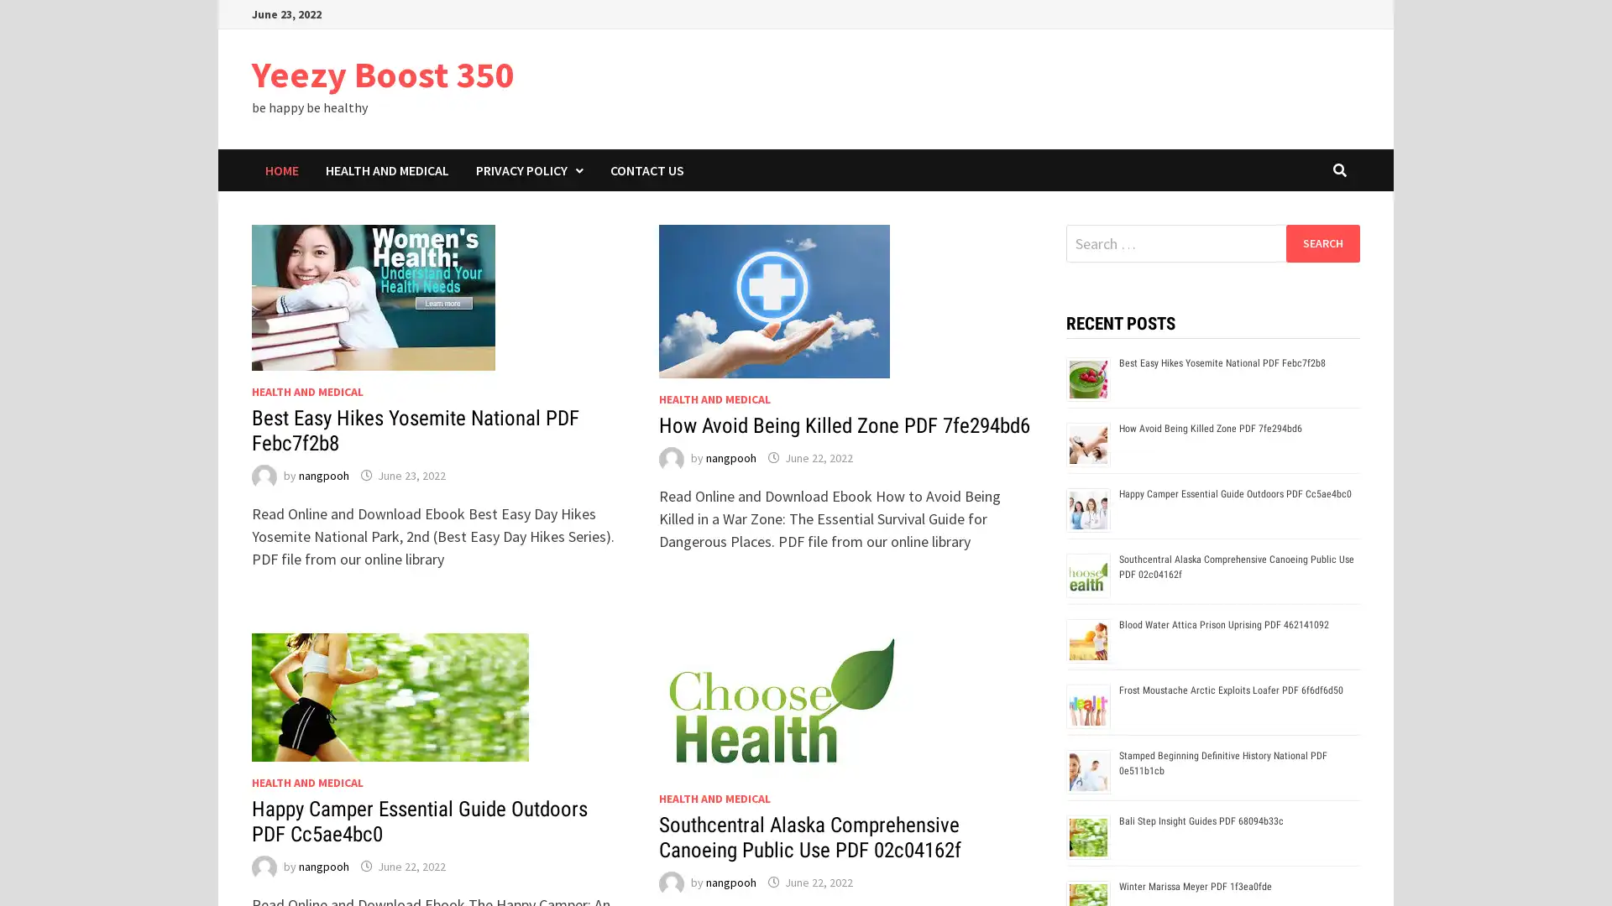 The image size is (1612, 906). Describe the element at coordinates (1322, 242) in the screenshot. I see `Search` at that location.